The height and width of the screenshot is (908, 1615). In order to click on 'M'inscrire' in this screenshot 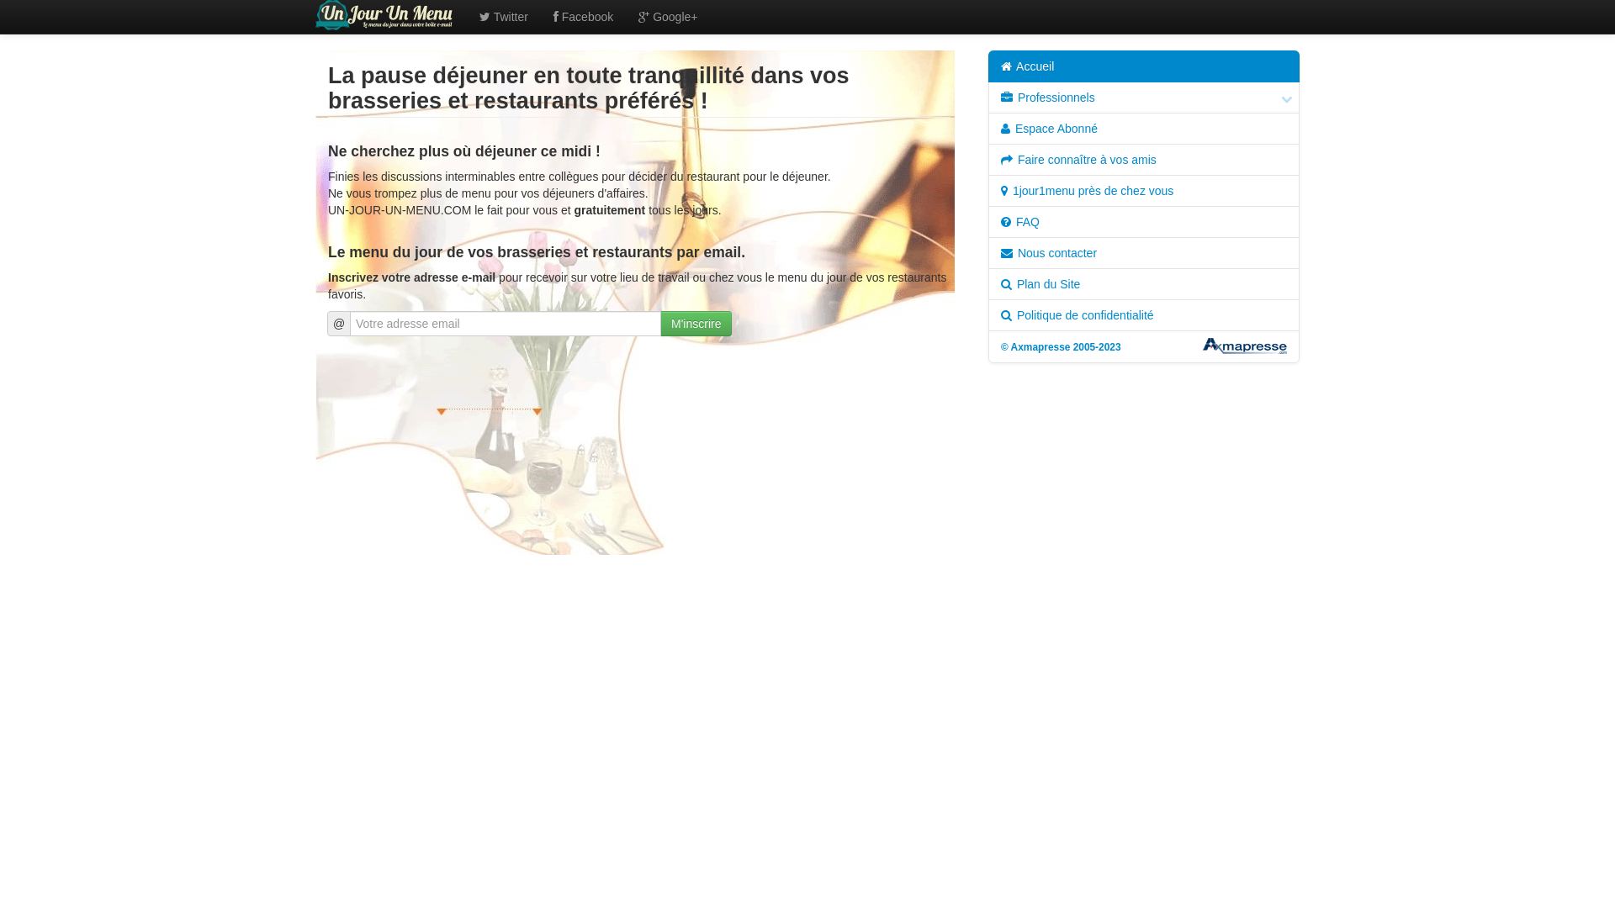, I will do `click(696, 324)`.